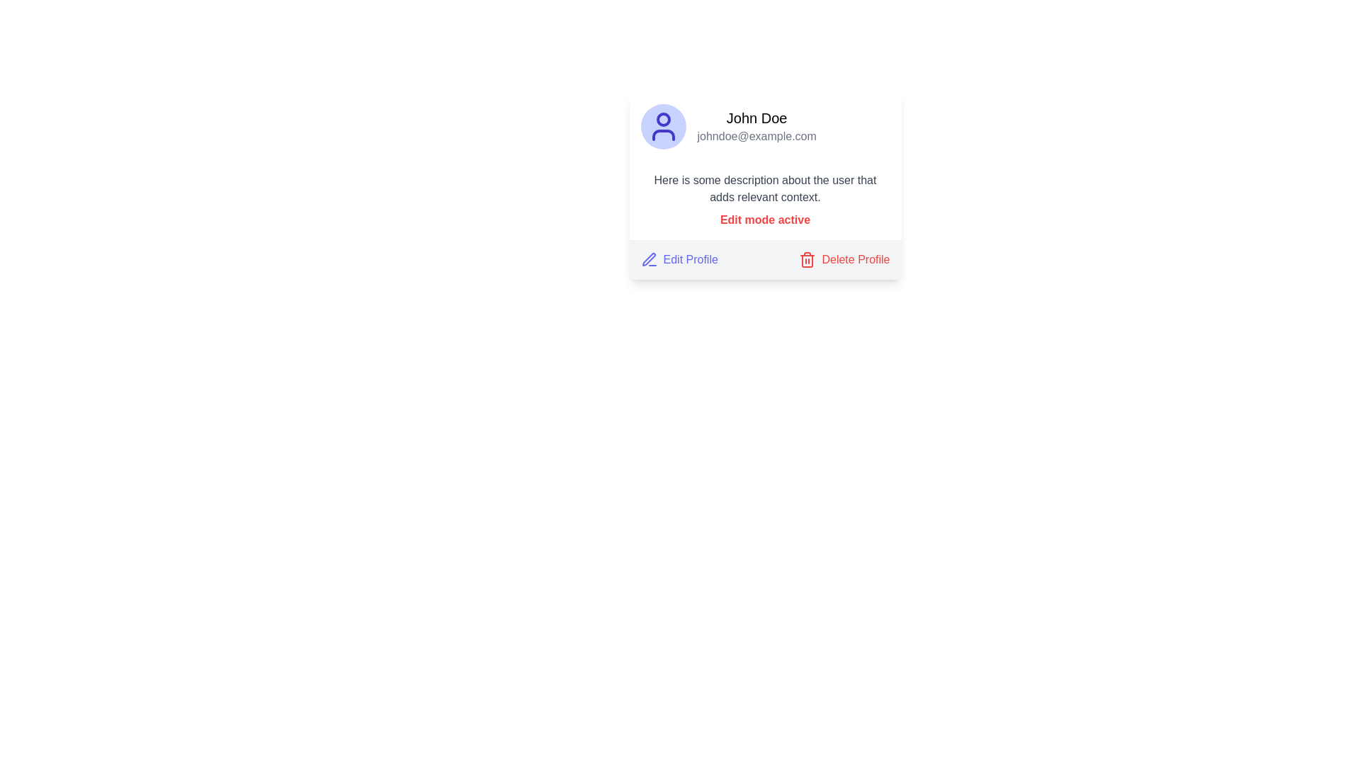 This screenshot has height=765, width=1360. What do you see at coordinates (648, 259) in the screenshot?
I see `the blue outline pen icon next to the 'Edit Profile' text` at bounding box center [648, 259].